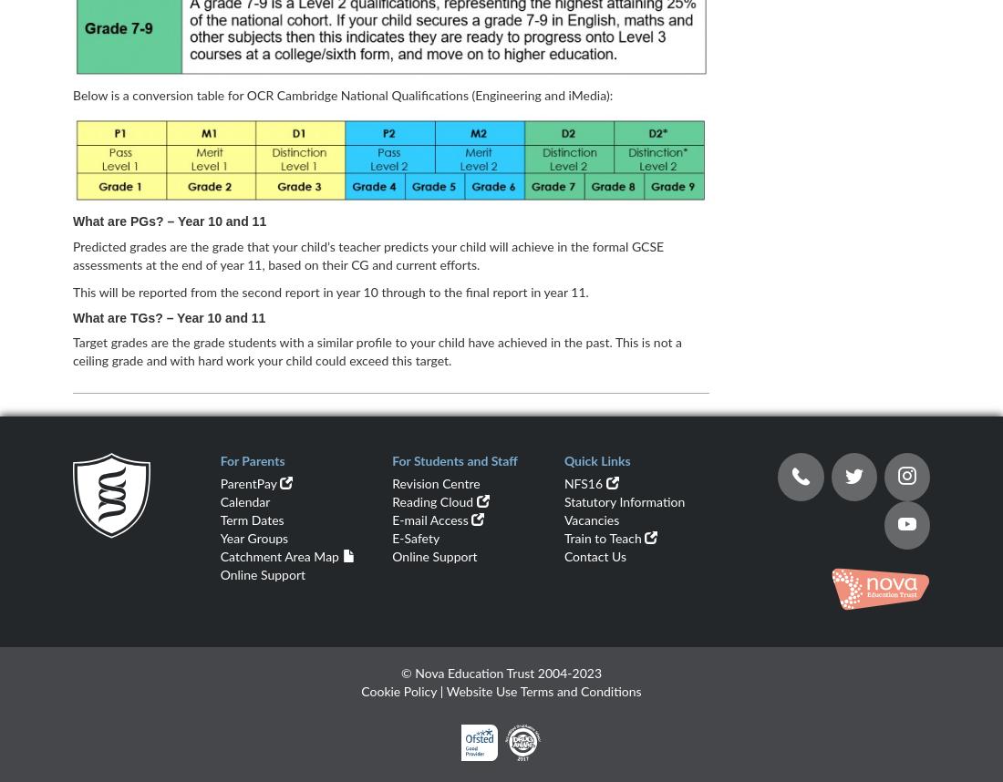 The width and height of the screenshot is (1003, 782). I want to click on 'For Parents', so click(220, 460).